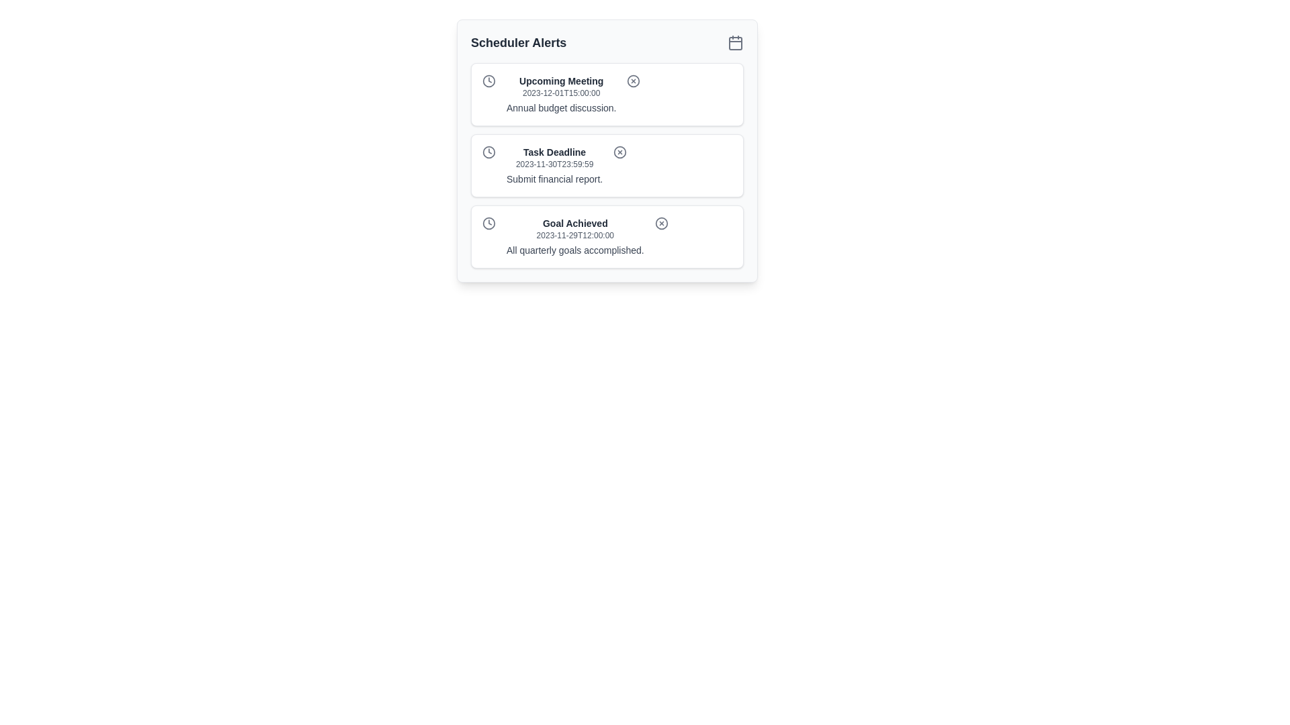 The width and height of the screenshot is (1290, 725). I want to click on properties of the small circle element within the SVG structure located in the second row of the task deadlines list, so click(619, 152).